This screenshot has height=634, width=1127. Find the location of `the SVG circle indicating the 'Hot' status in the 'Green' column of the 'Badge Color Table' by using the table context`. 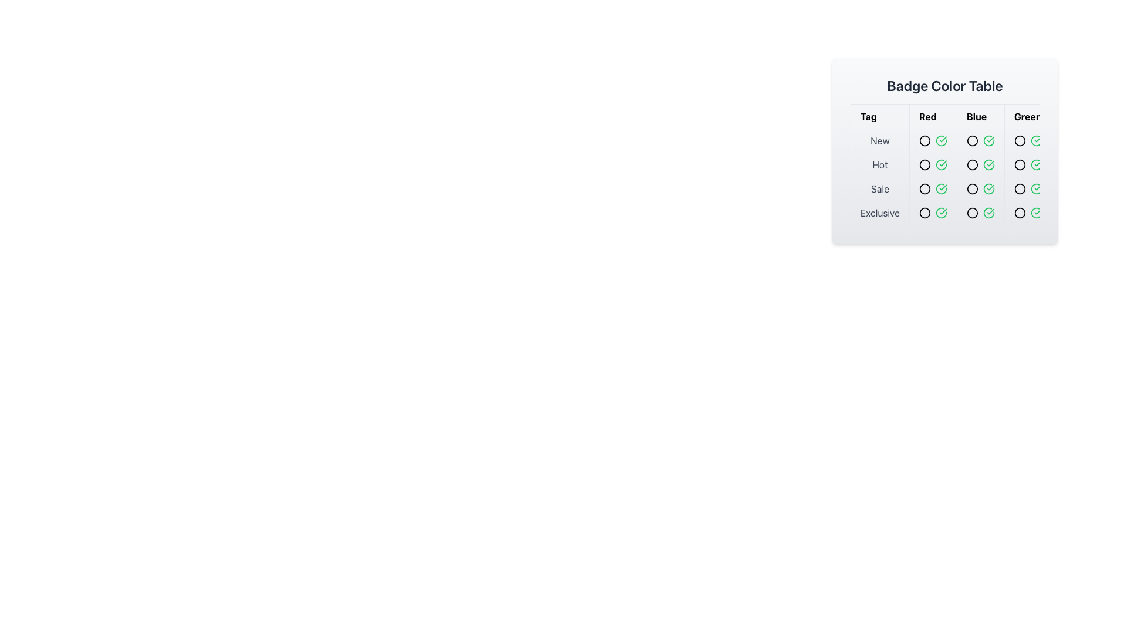

the SVG circle indicating the 'Hot' status in the 'Green' column of the 'Badge Color Table' by using the table context is located at coordinates (1019, 165).